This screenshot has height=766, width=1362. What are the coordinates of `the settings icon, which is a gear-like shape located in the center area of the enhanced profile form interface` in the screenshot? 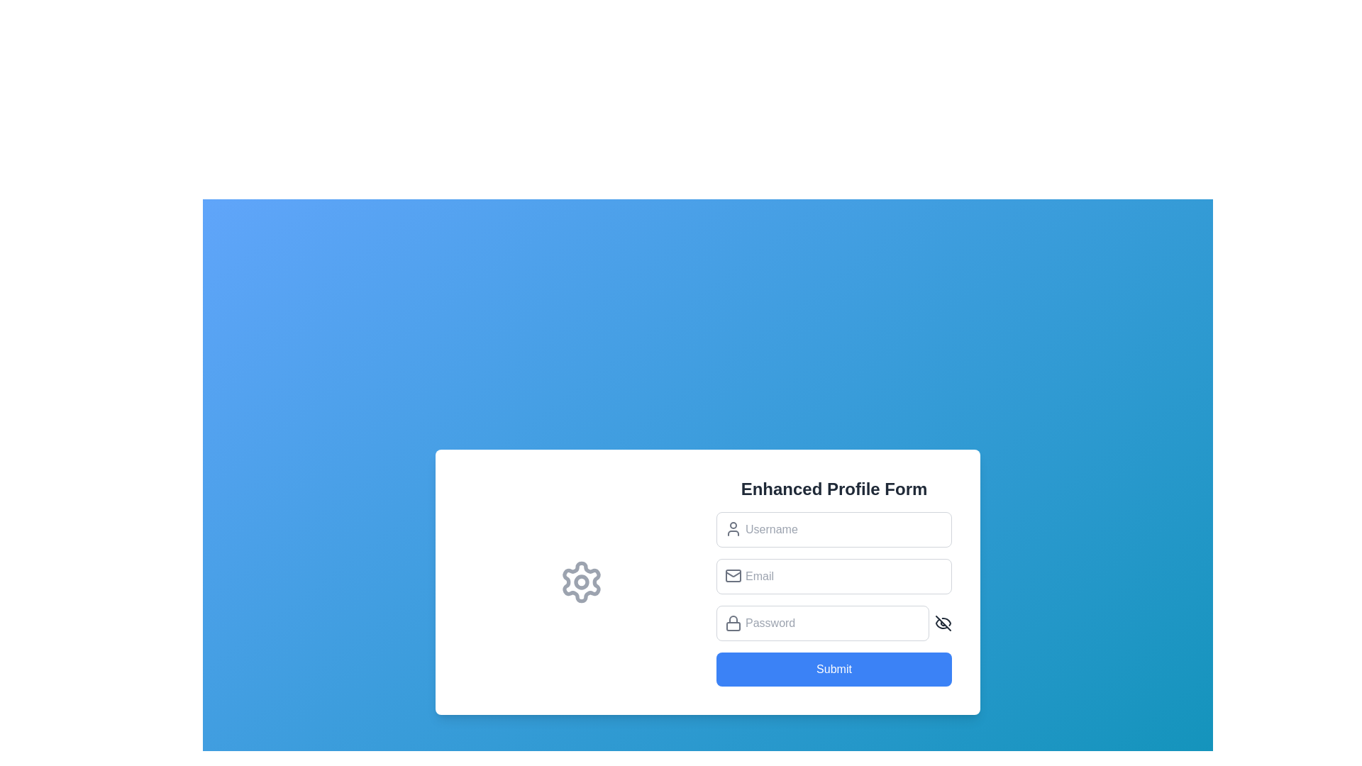 It's located at (582, 582).